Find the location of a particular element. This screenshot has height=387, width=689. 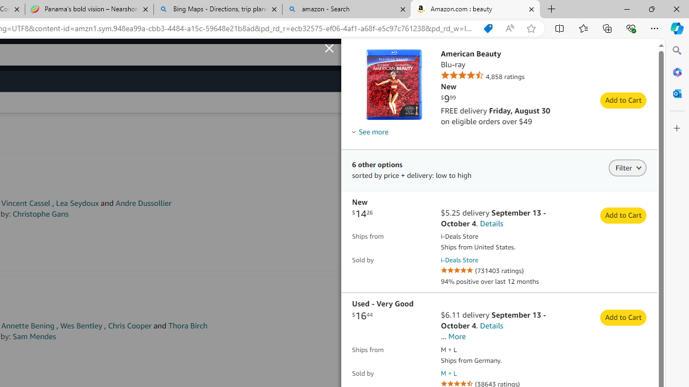

'Andre Dussollier' is located at coordinates (143, 203).